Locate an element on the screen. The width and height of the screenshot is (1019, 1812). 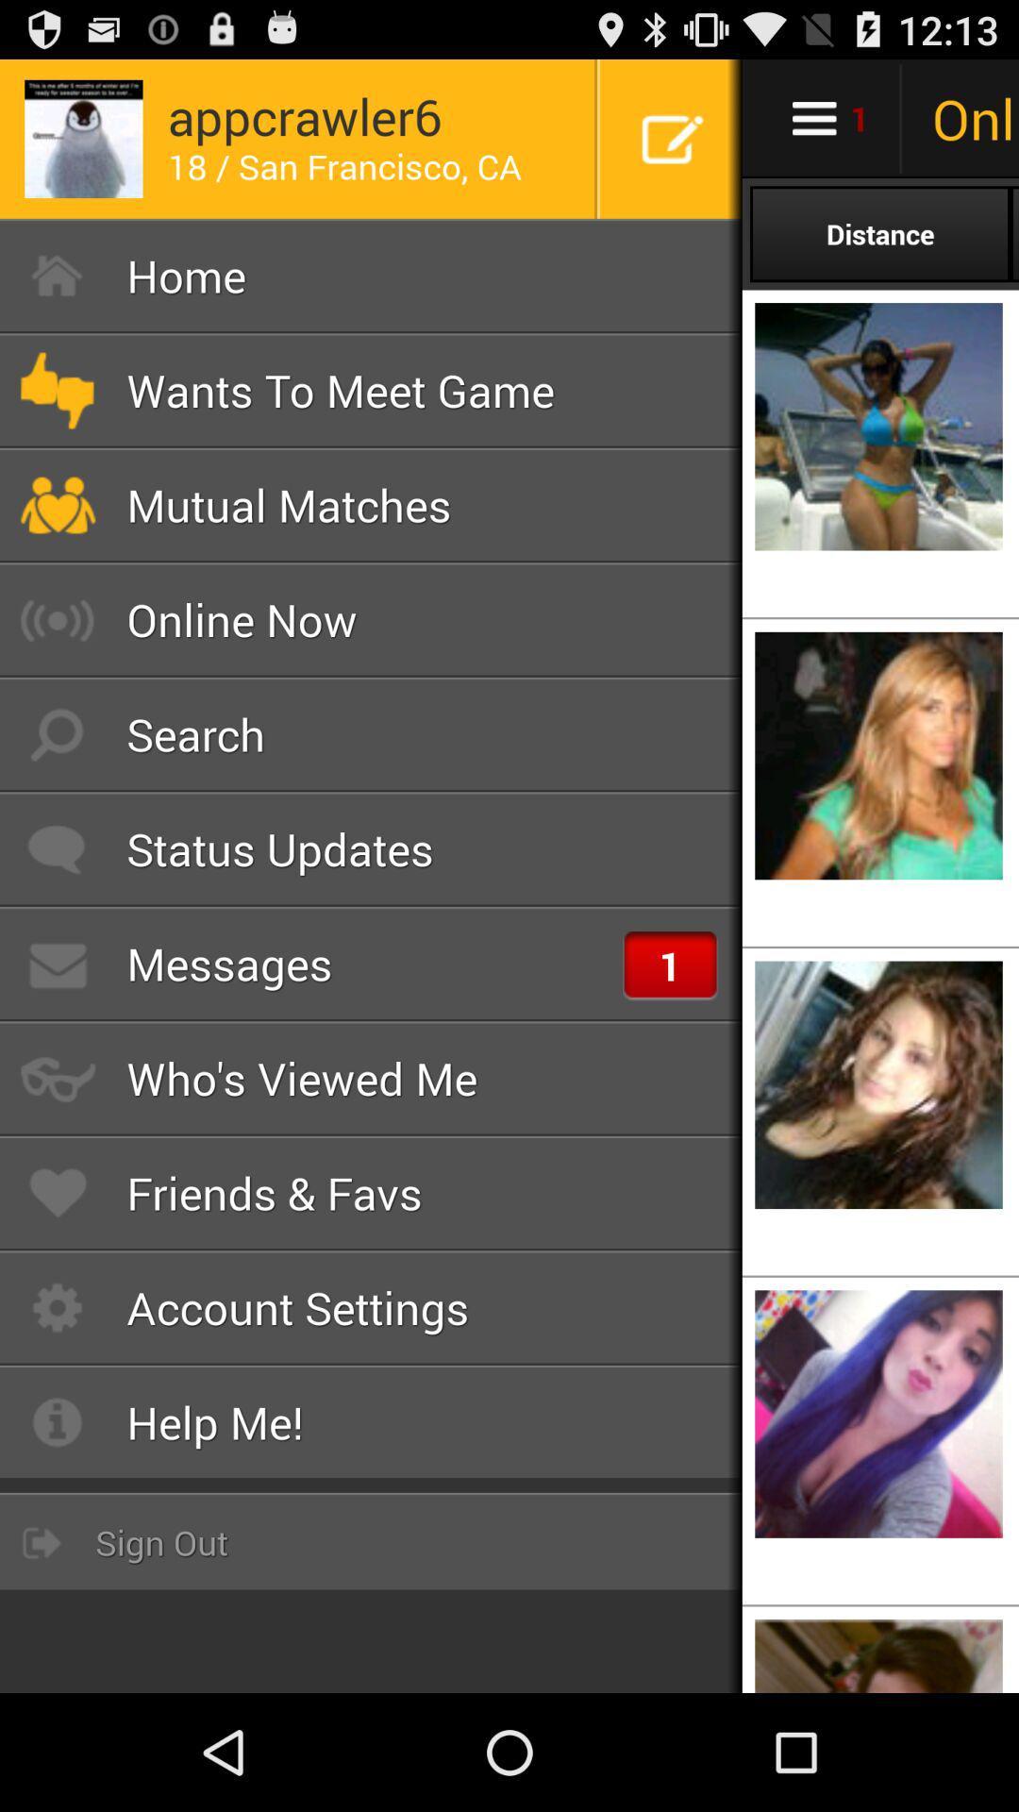
the edit option on the top right of appcrawler6 text is located at coordinates (671, 138).